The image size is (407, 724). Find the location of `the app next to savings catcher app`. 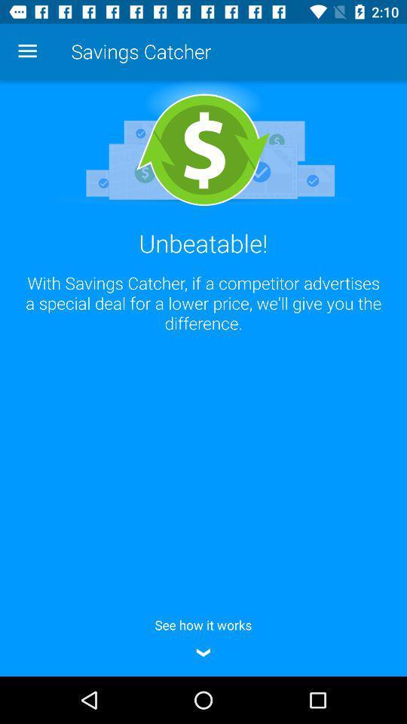

the app next to savings catcher app is located at coordinates (27, 51).